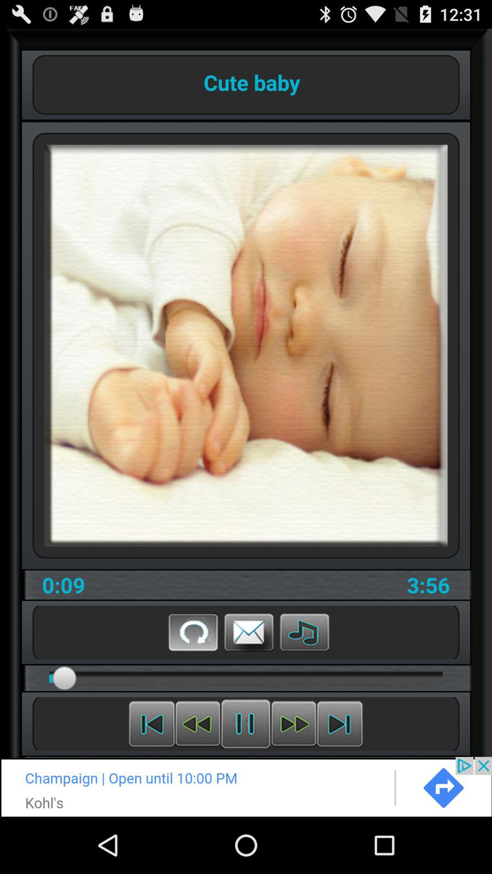 This screenshot has height=874, width=492. What do you see at coordinates (245, 774) in the screenshot?
I see `the sliders icon` at bounding box center [245, 774].